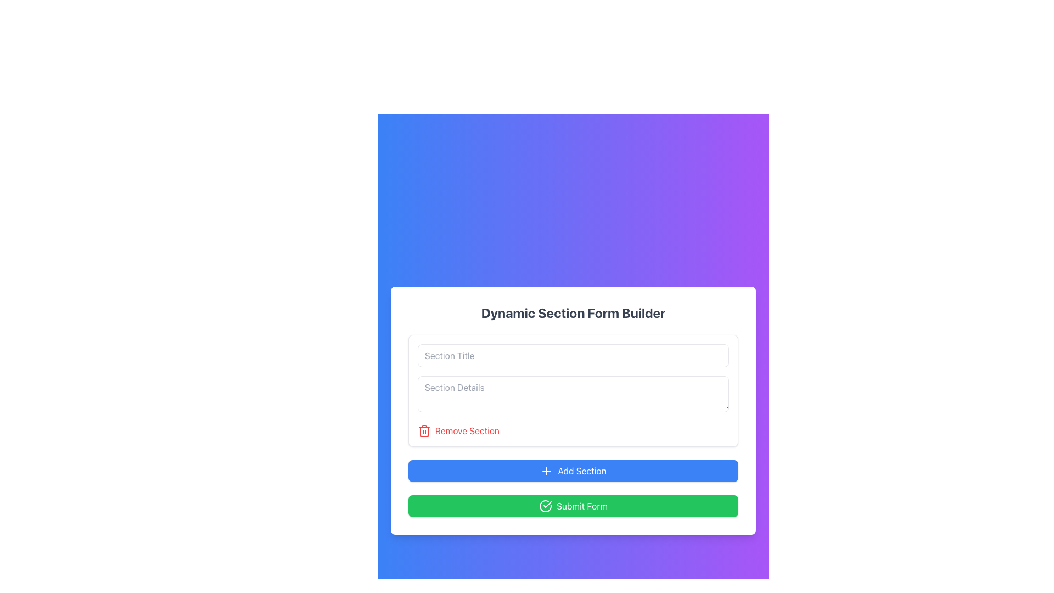 Image resolution: width=1054 pixels, height=593 pixels. I want to click on the 'Remove Section' button by clicking on the red trash bin icon located to the left of the text label, so click(423, 430).